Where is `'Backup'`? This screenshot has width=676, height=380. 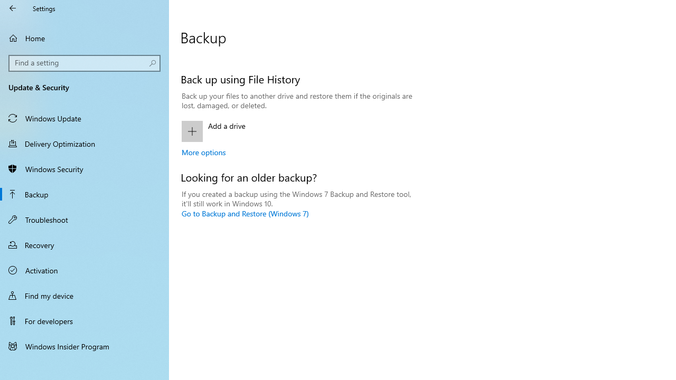
'Backup' is located at coordinates (84, 194).